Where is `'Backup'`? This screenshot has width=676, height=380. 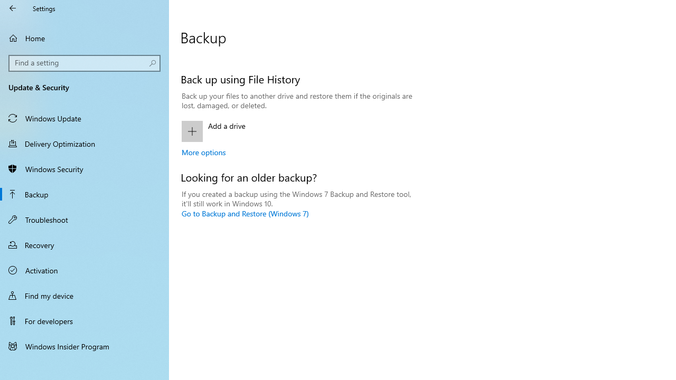
'Backup' is located at coordinates (84, 194).